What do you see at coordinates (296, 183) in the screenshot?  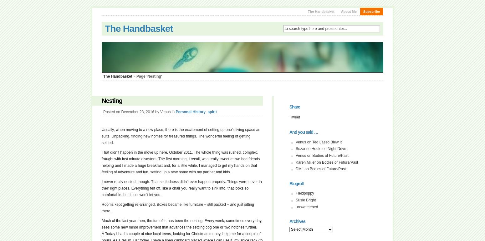 I see `'Blogroll'` at bounding box center [296, 183].